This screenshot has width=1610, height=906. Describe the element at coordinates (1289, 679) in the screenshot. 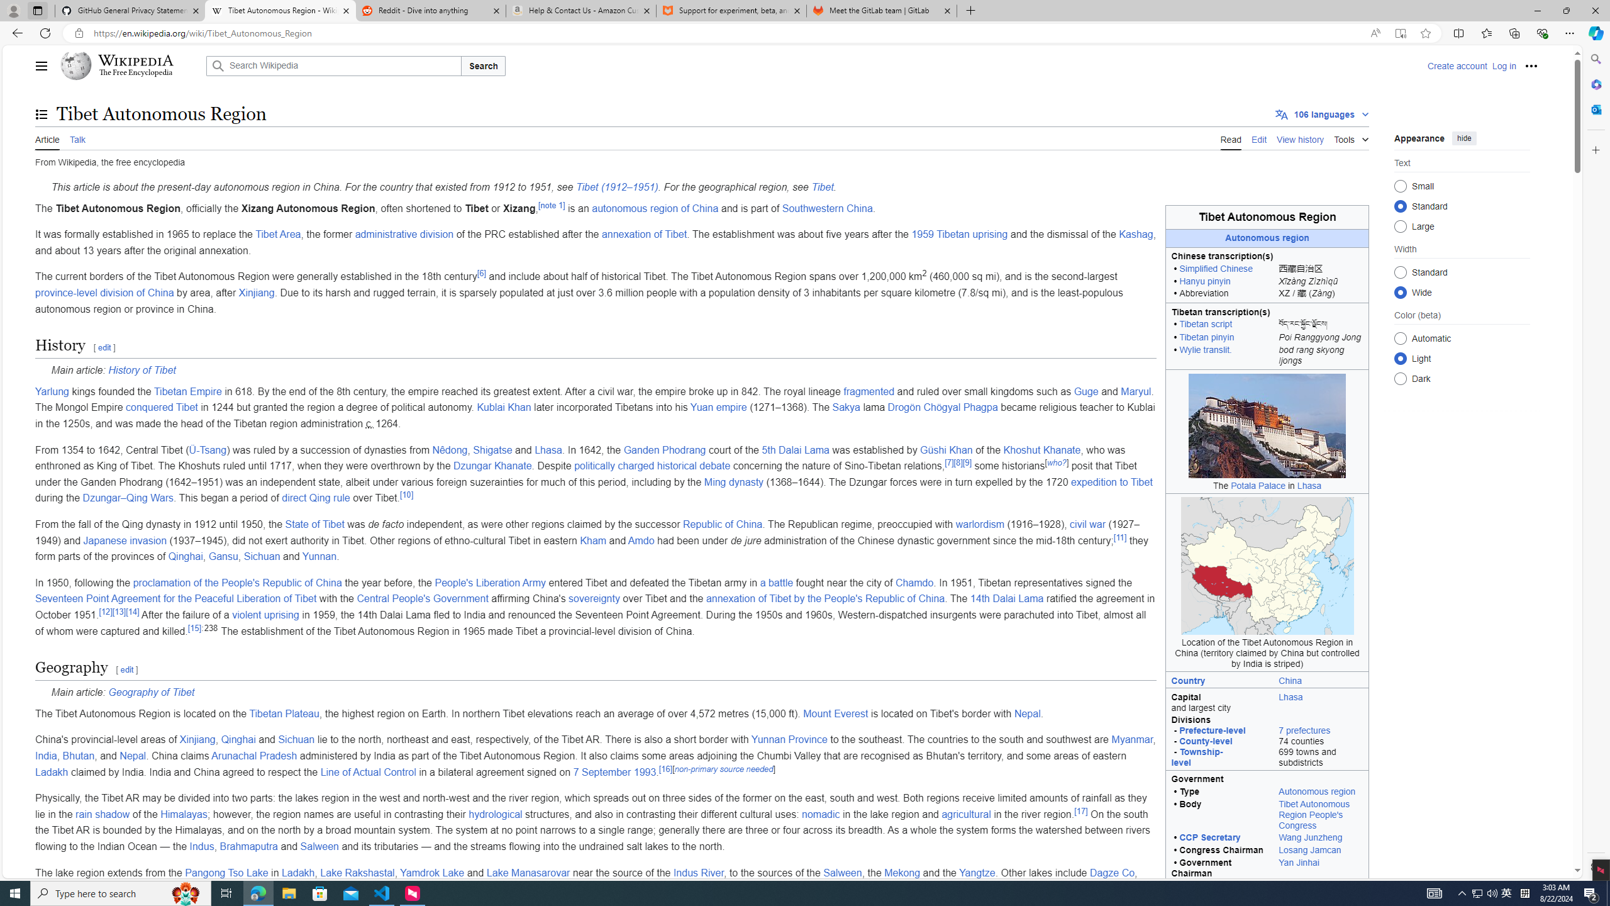

I see `'China'` at that location.